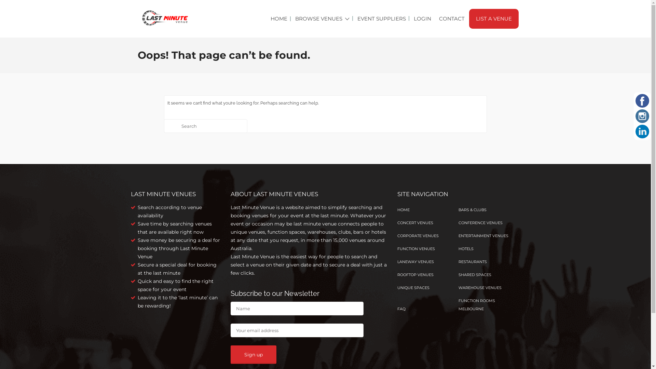 This screenshot has height=369, width=656. Describe the element at coordinates (451, 18) in the screenshot. I see `'CONTACT'` at that location.